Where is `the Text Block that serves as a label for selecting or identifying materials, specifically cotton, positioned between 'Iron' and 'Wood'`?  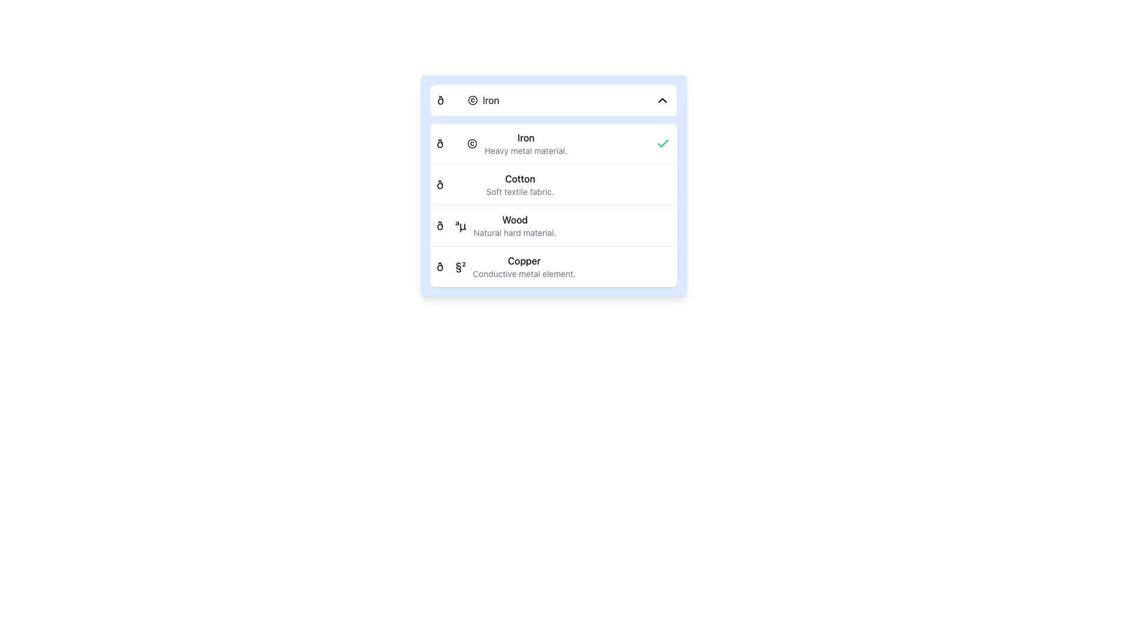
the Text Block that serves as a label for selecting or identifying materials, specifically cotton, positioned between 'Iron' and 'Wood' is located at coordinates (520, 185).